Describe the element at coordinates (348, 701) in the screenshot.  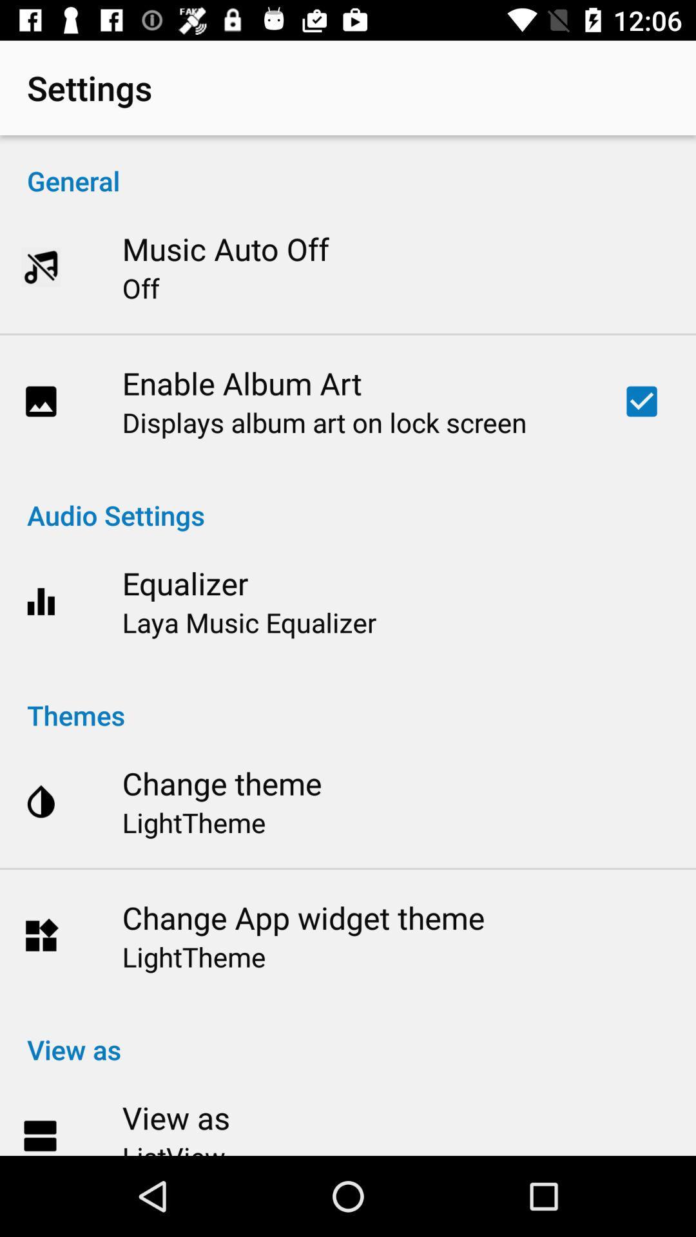
I see `item below laya music equalizer icon` at that location.